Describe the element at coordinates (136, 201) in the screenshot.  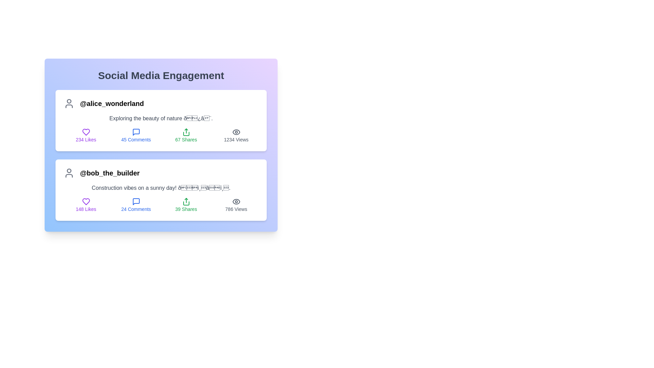
I see `the speech bubble icon representing comments in the '24 Comments' section of the card titled '@bob_the_builder'` at that location.